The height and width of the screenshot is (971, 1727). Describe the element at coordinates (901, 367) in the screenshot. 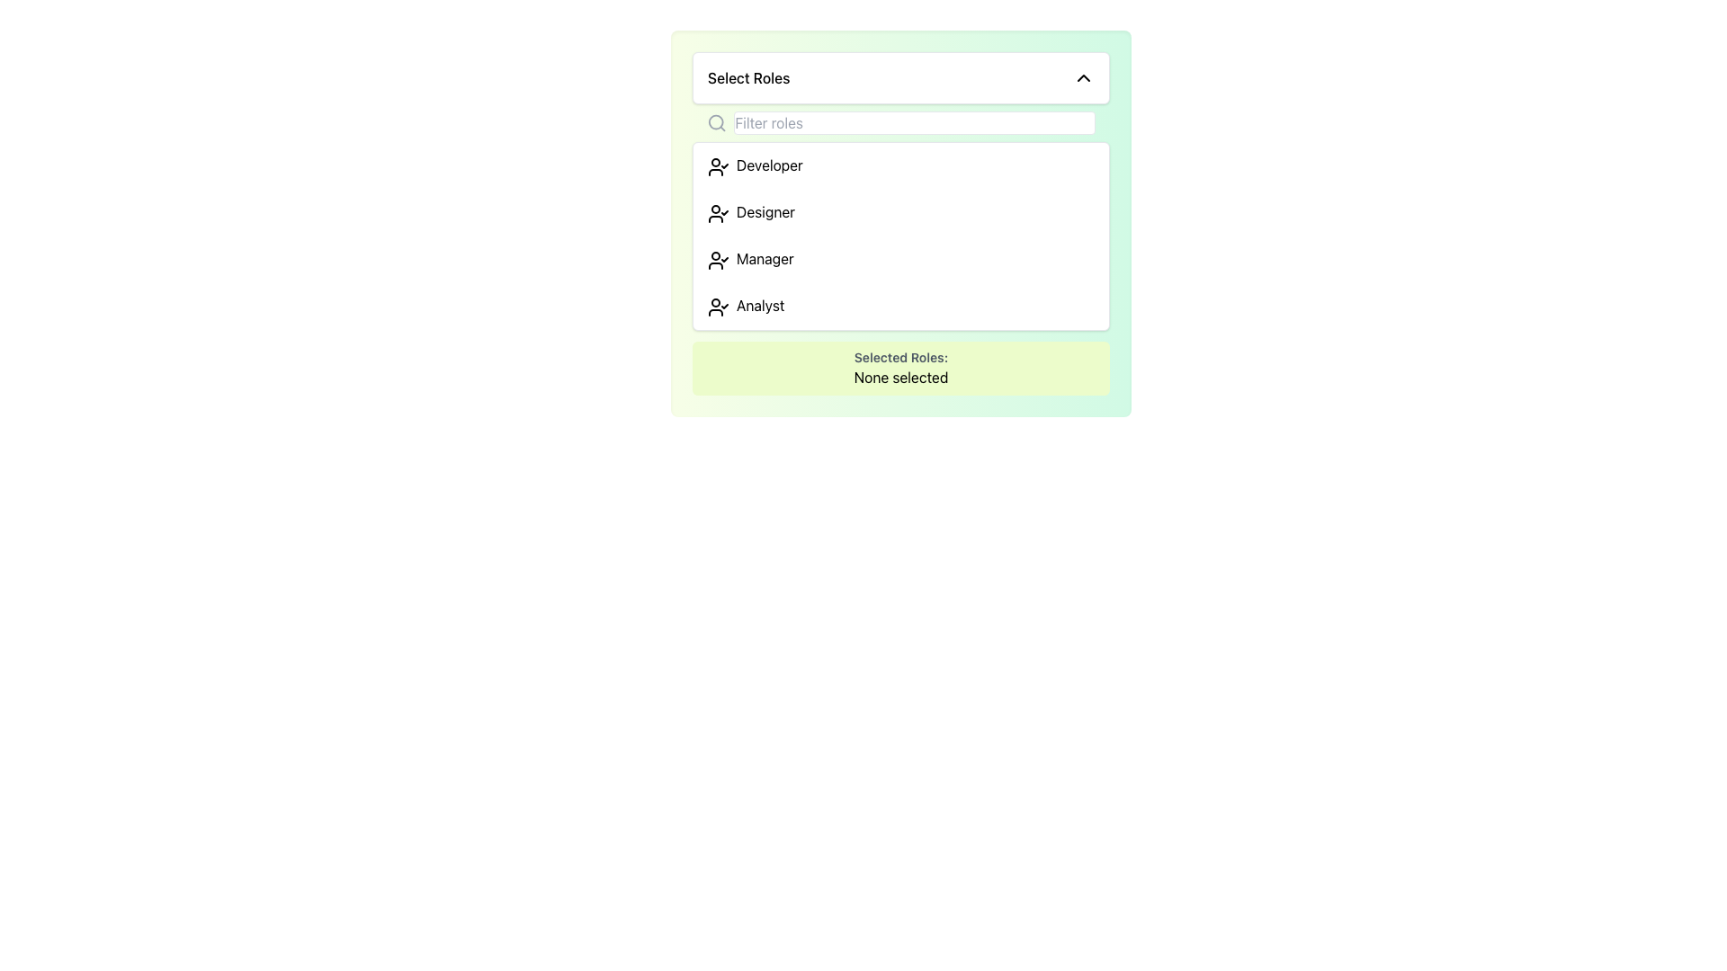

I see `the displayed text in the informational Text Display Box located below the last listed role ('Analyst')` at that location.